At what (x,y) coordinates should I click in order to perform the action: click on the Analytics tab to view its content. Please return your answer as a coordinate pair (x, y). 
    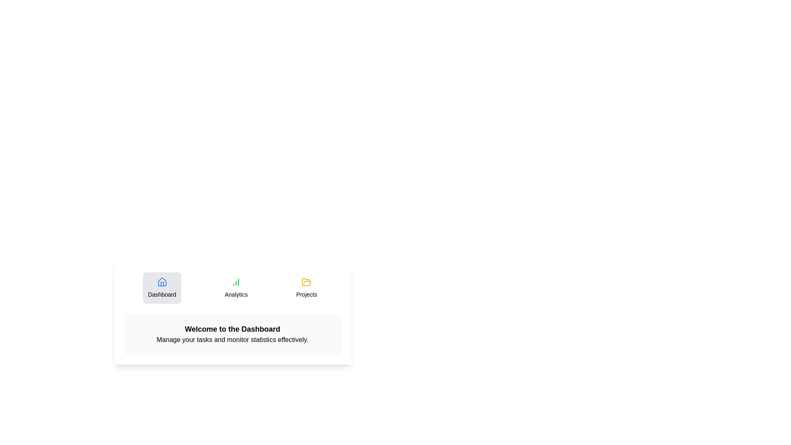
    Looking at the image, I should click on (236, 287).